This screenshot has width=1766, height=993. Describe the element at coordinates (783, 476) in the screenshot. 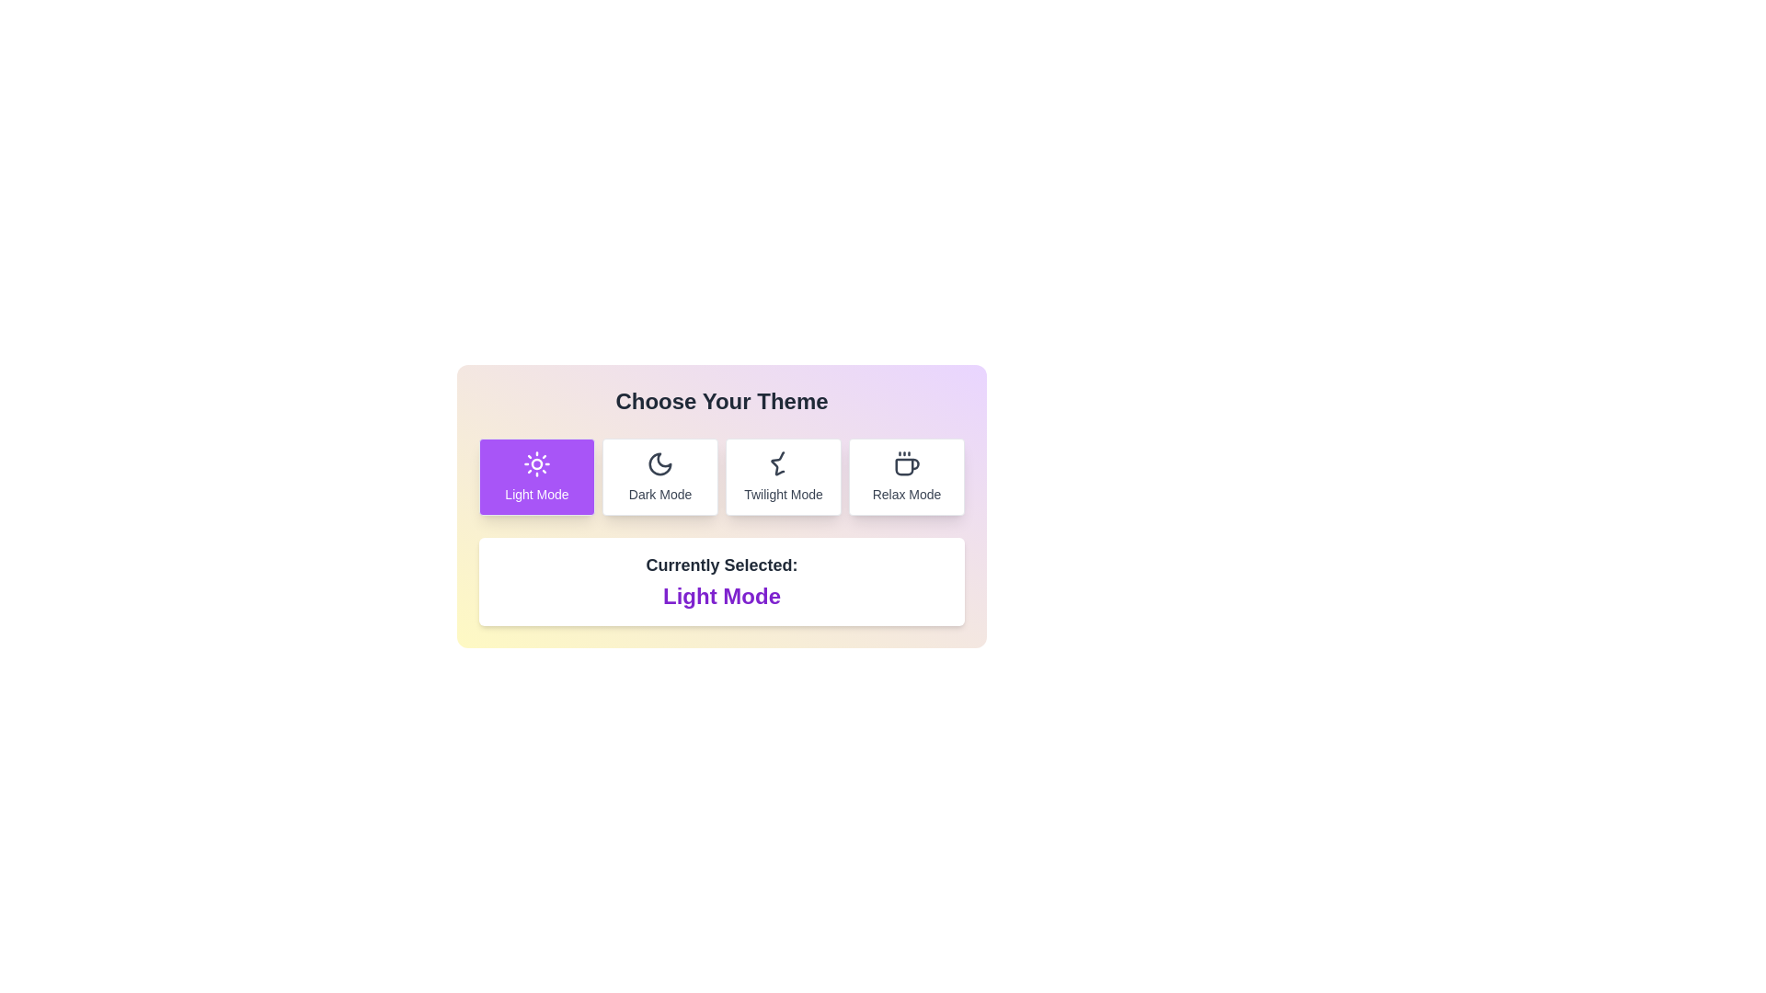

I see `the theme button corresponding to Twilight Mode` at that location.